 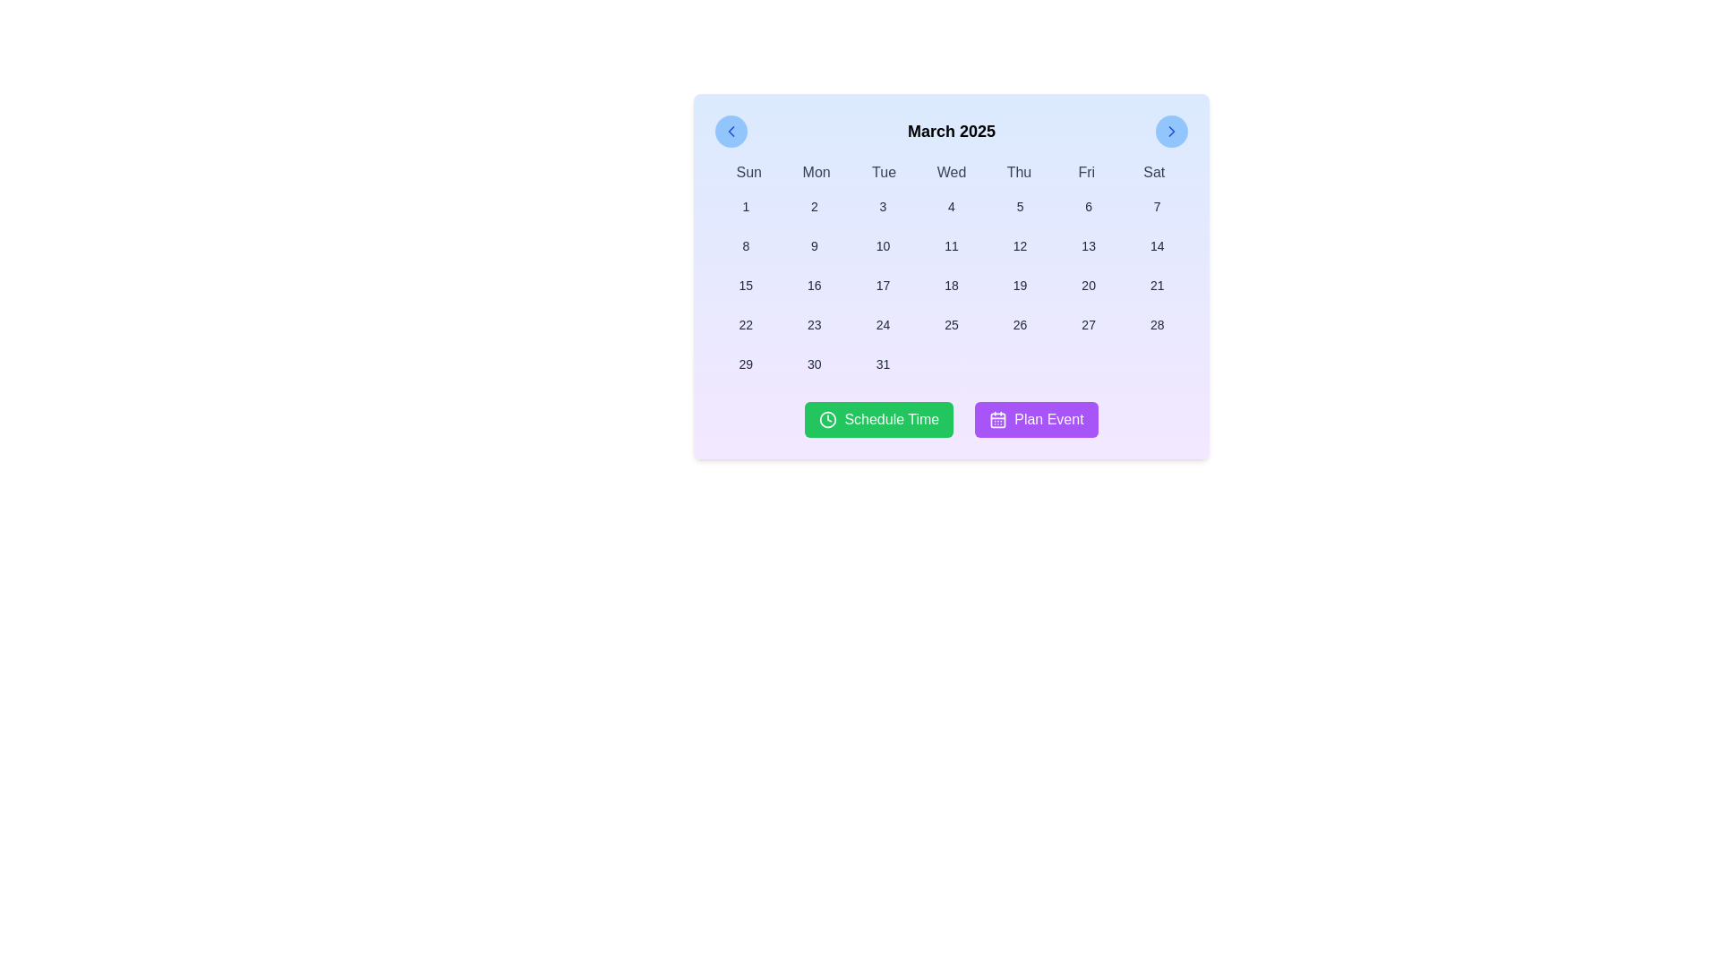 I want to click on the blue triangular left navigation arrow icon in the calendar interface to receive visual feedback, so click(x=731, y=130).